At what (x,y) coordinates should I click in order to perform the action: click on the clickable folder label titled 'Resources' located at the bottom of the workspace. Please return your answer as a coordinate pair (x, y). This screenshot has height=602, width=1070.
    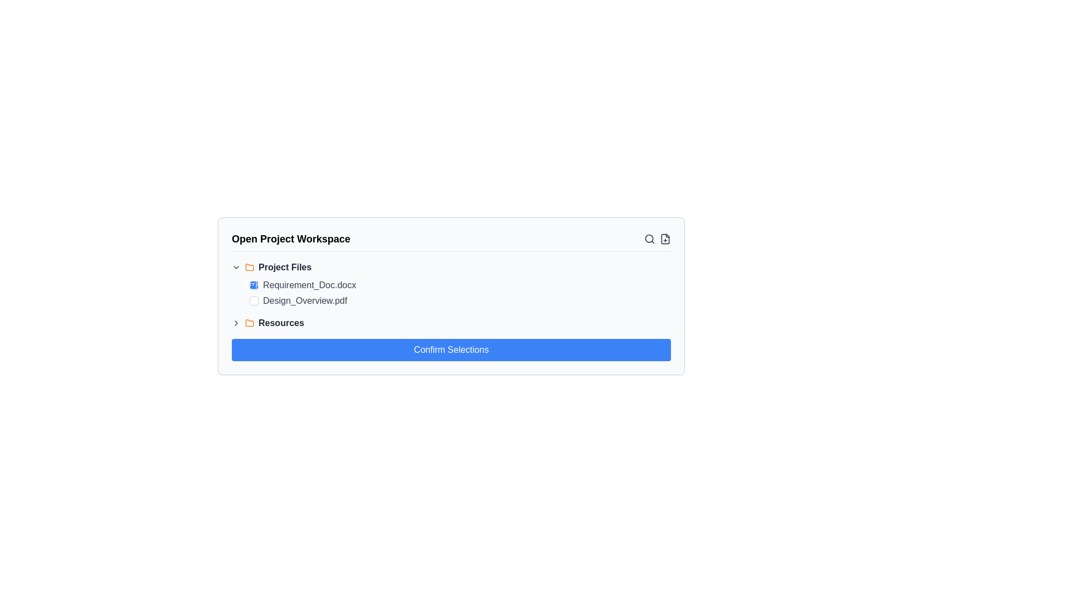
    Looking at the image, I should click on (281, 323).